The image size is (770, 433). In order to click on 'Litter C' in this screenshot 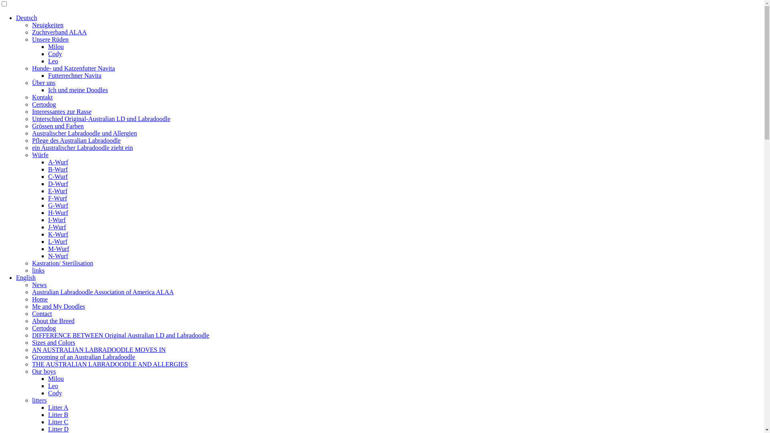, I will do `click(57, 421)`.